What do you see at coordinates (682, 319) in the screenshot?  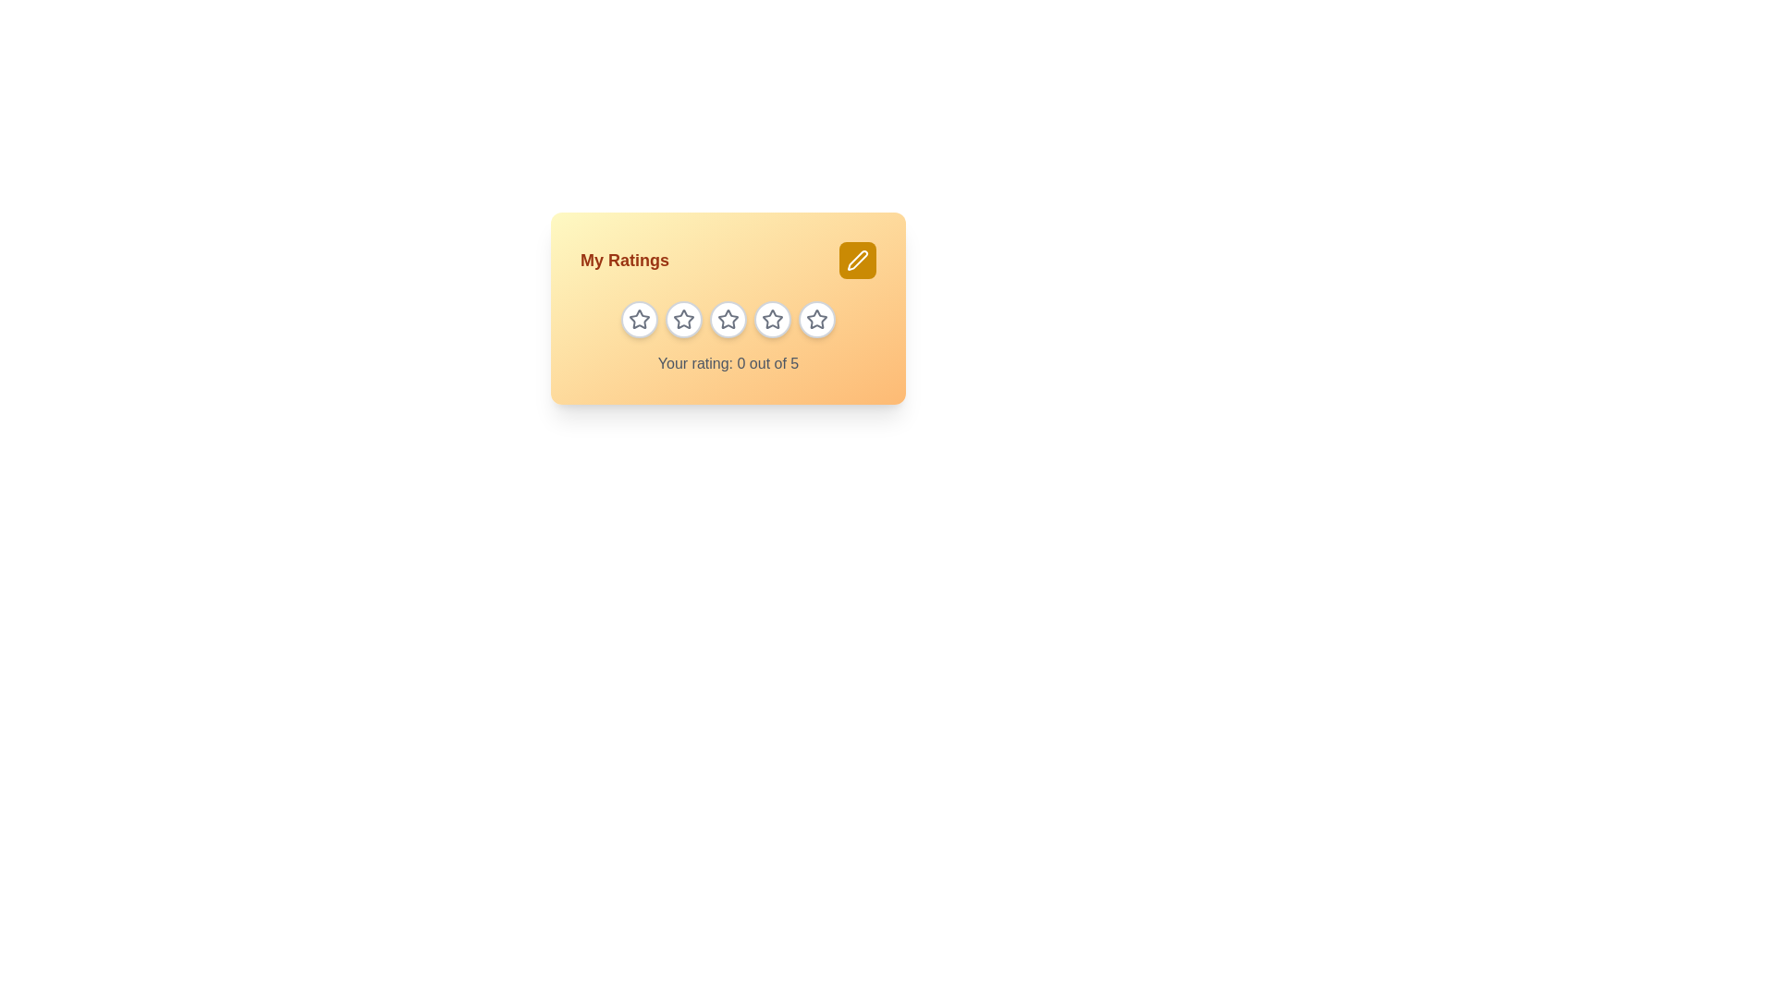 I see `the second star-shaped SVG icon in the rating scale for feedback` at bounding box center [682, 319].